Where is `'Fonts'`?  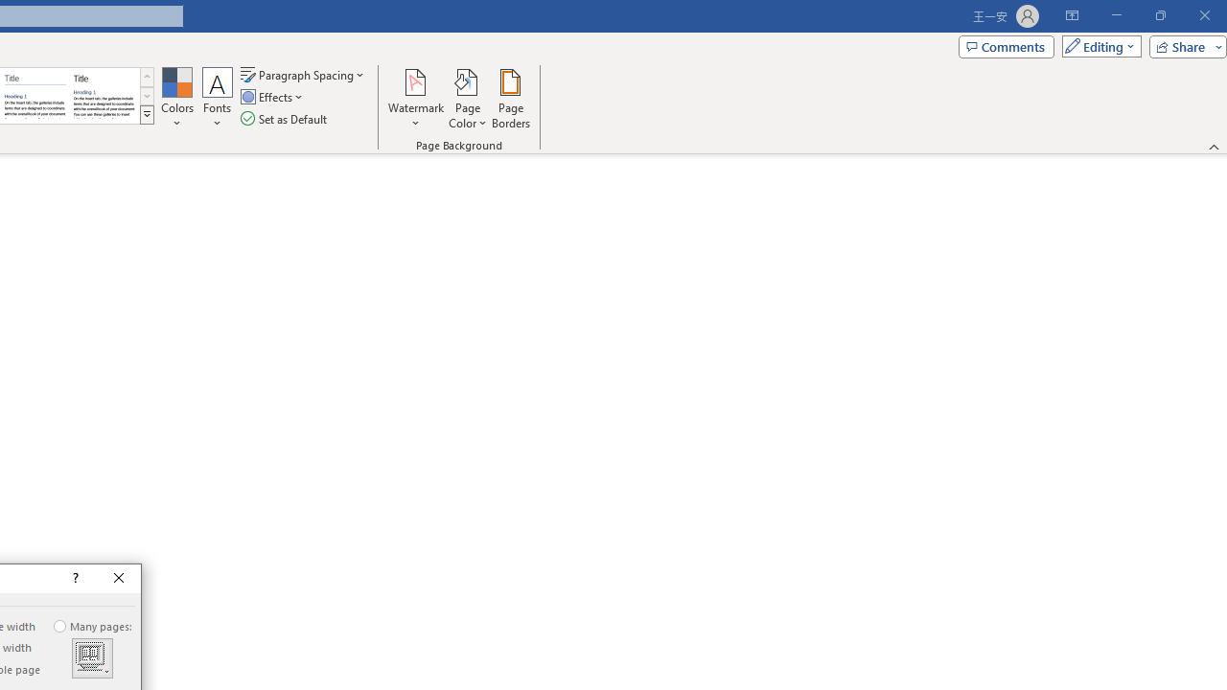 'Fonts' is located at coordinates (218, 99).